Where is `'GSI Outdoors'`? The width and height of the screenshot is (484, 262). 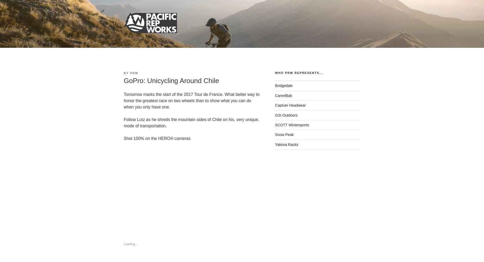 'GSI Outdoors' is located at coordinates (274, 115).